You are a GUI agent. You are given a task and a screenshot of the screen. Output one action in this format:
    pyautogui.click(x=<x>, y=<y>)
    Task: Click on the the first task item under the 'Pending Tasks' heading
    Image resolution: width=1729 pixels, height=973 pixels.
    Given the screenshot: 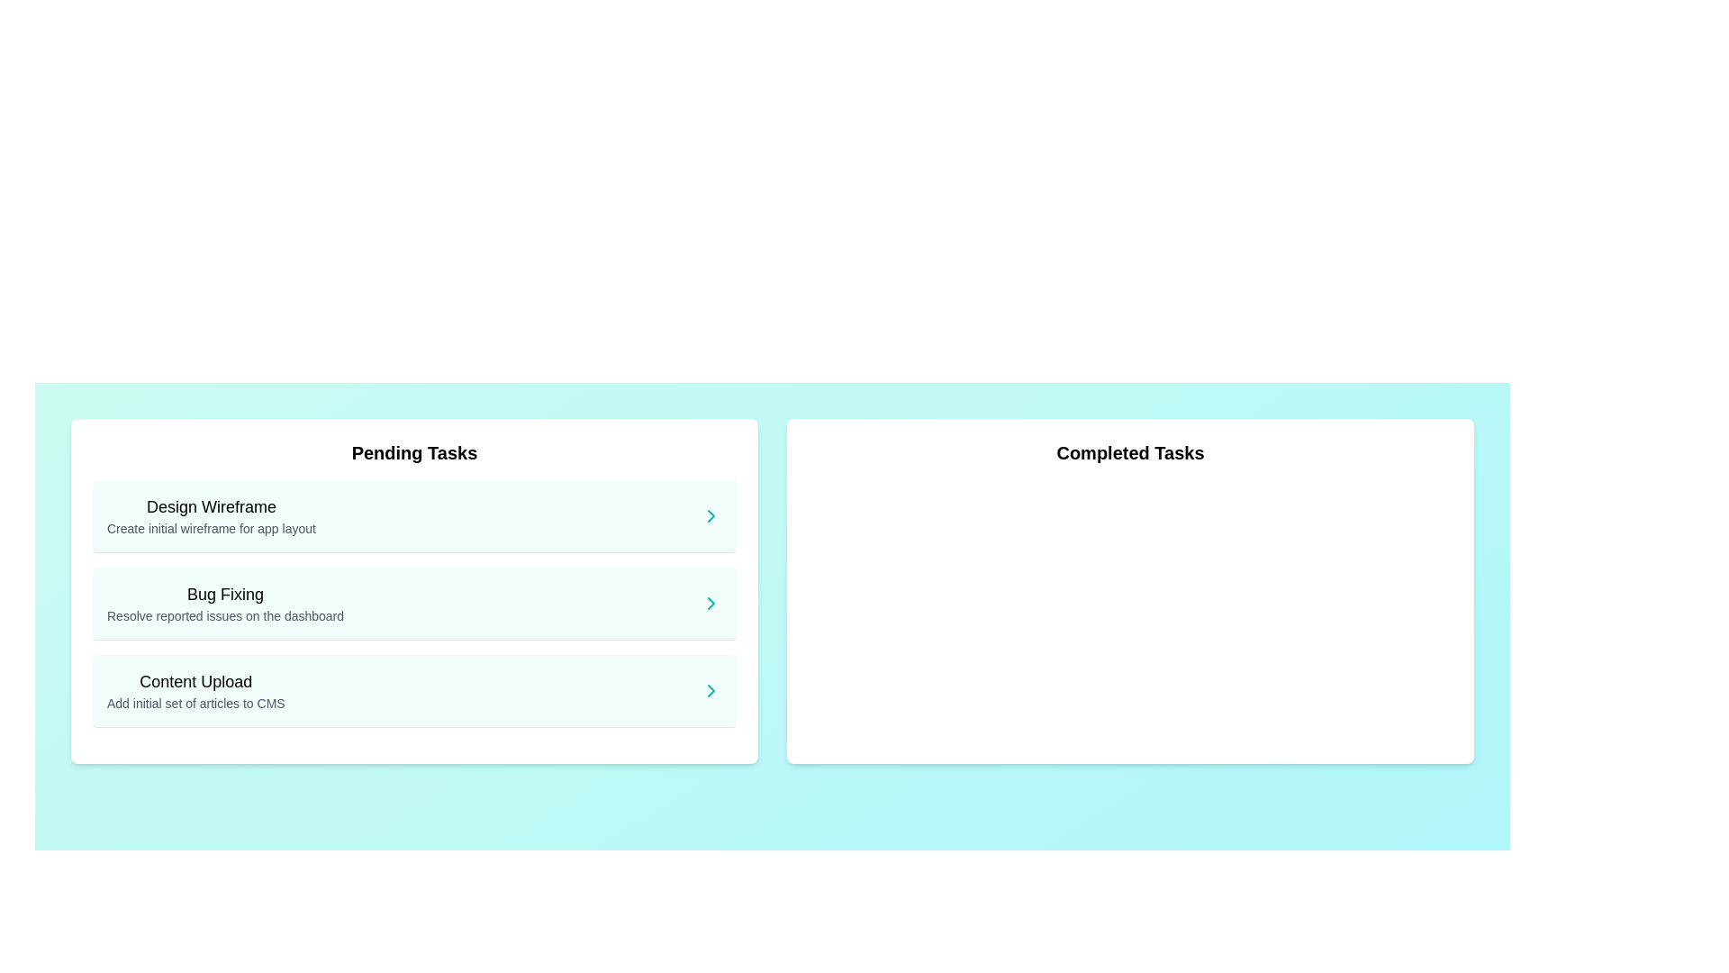 What is the action you would take?
    pyautogui.click(x=413, y=516)
    